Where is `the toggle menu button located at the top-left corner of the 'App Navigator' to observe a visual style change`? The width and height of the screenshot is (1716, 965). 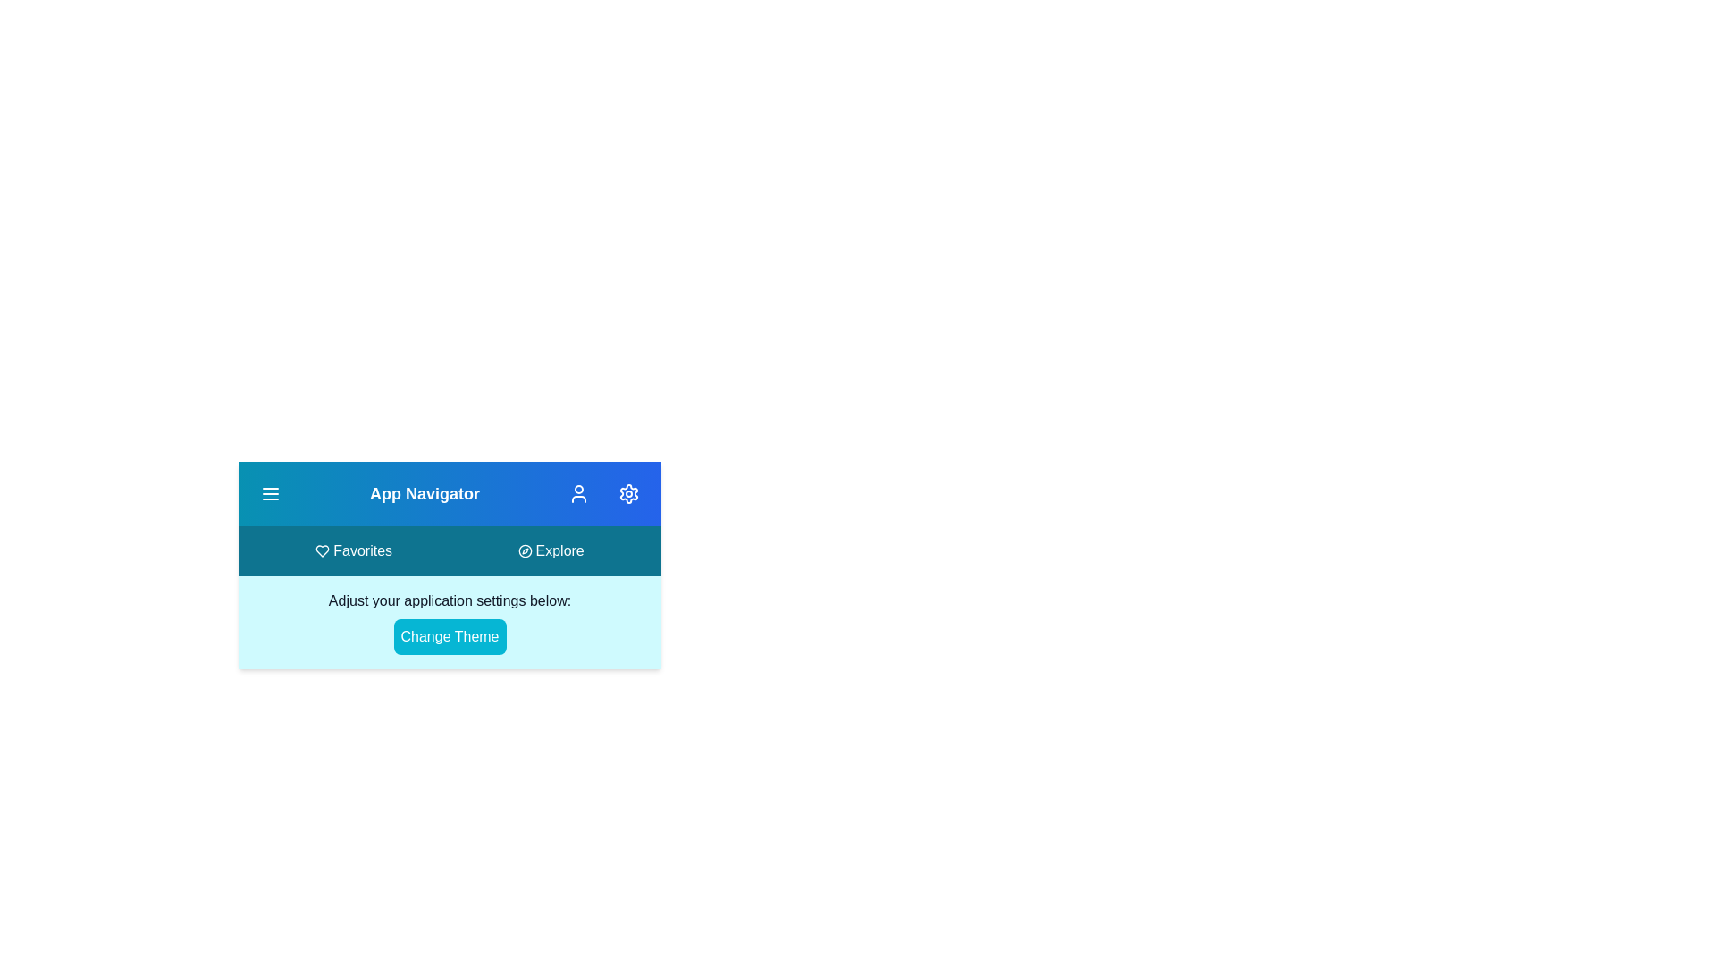 the toggle menu button located at the top-left corner of the 'App Navigator' to observe a visual style change is located at coordinates (269, 493).